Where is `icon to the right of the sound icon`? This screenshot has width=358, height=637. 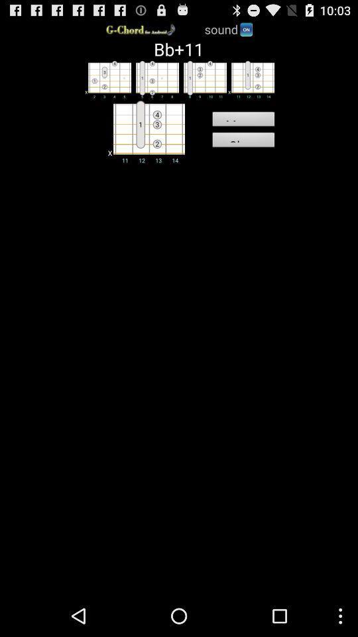 icon to the right of the sound icon is located at coordinates (245, 28).